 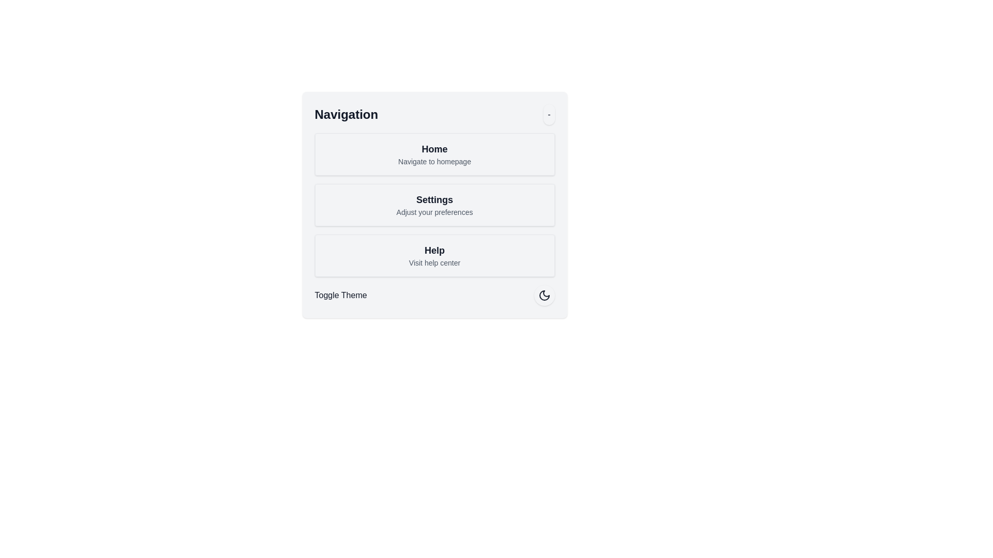 I want to click on the theme toggle button to switch the theme, so click(x=544, y=295).